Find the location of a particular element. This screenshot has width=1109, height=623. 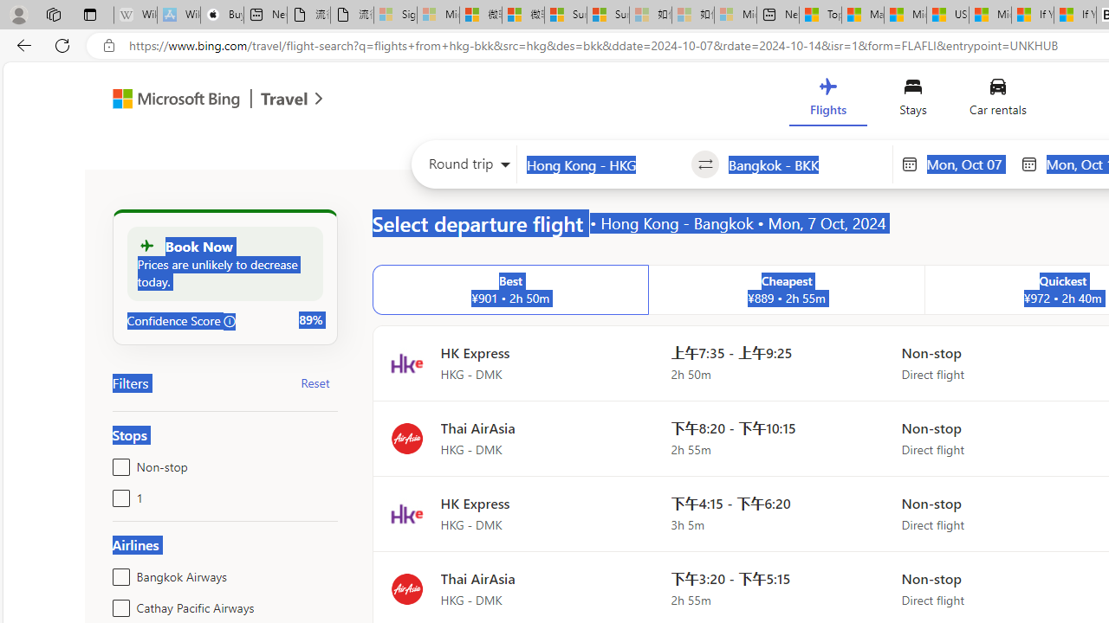

'Class: autosuggest-container full-height no-y-padding' is located at coordinates (805, 164).